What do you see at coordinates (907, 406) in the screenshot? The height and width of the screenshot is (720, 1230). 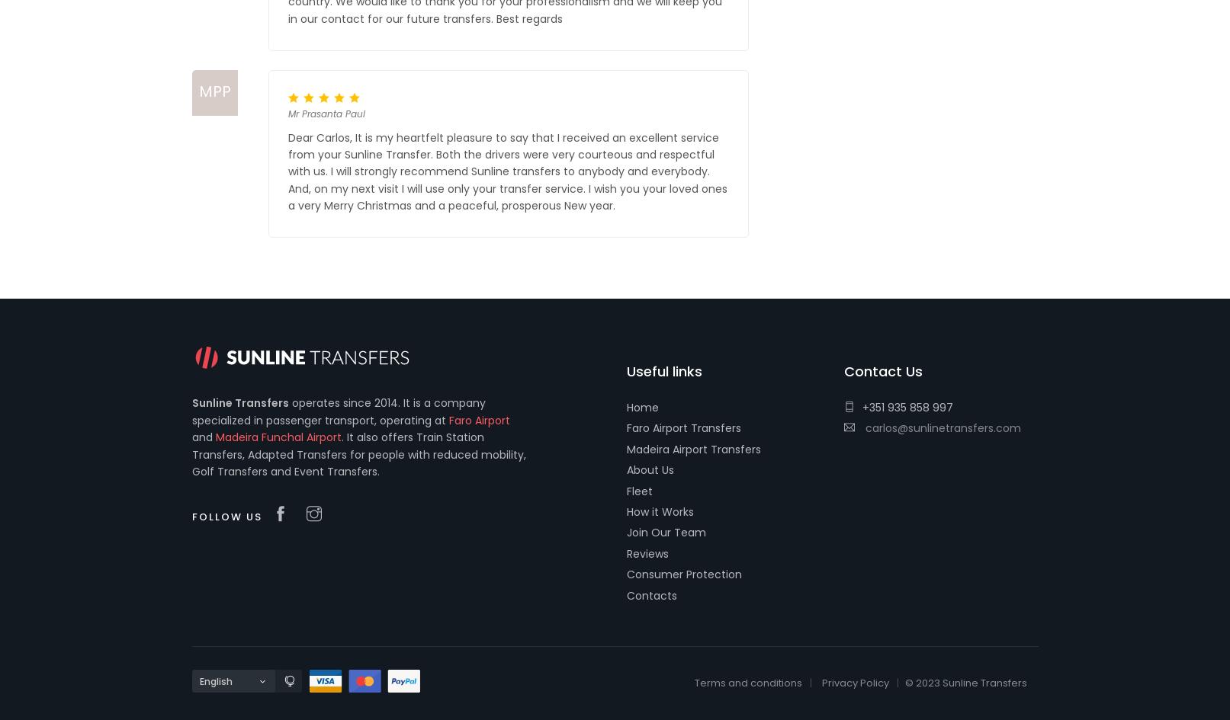 I see `'+351 935 858 997'` at bounding box center [907, 406].